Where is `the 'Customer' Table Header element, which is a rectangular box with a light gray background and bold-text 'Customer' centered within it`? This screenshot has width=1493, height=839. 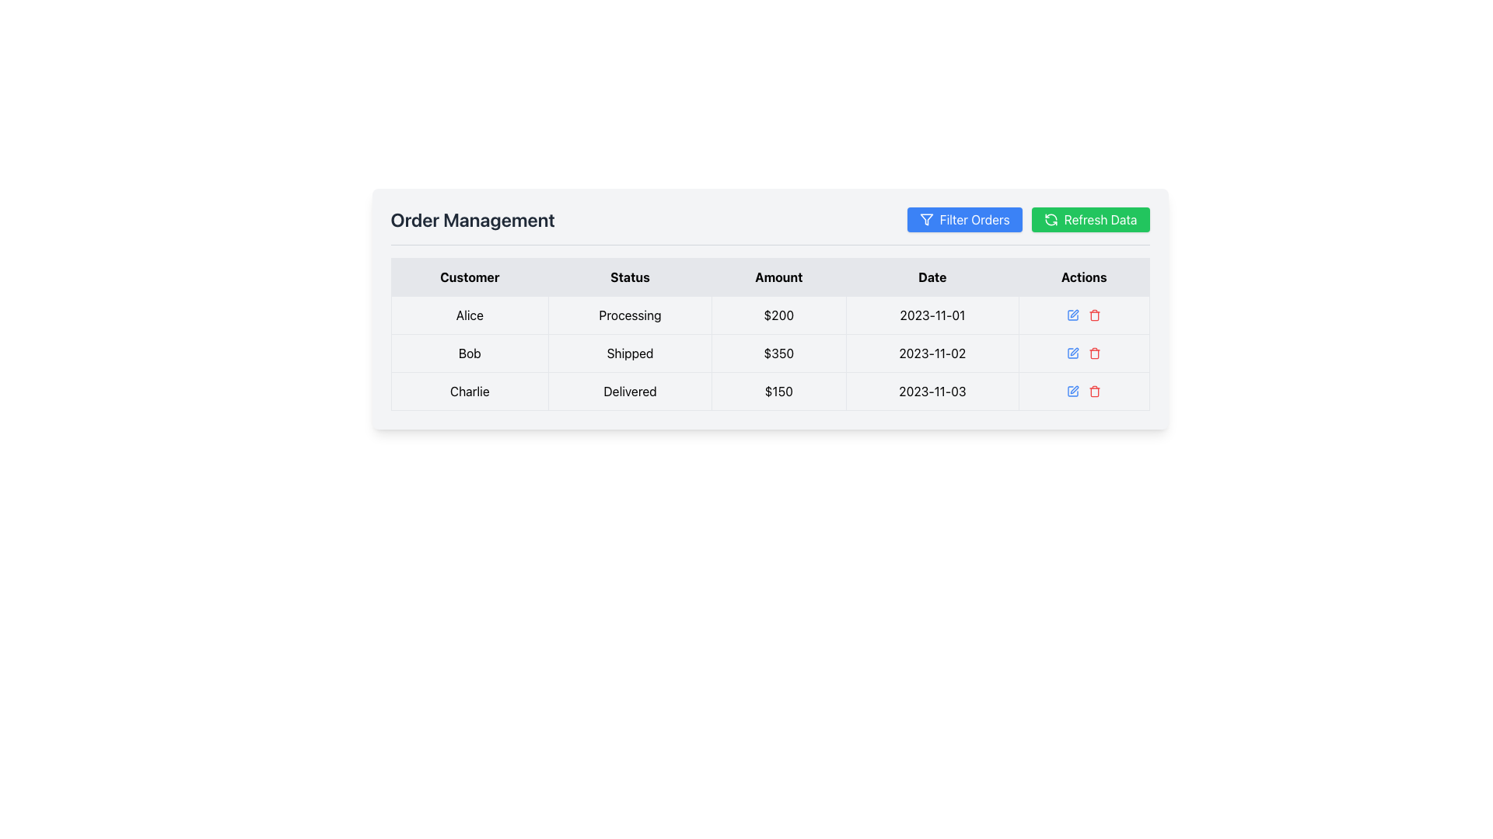 the 'Customer' Table Header element, which is a rectangular box with a light gray background and bold-text 'Customer' centered within it is located at coordinates (469, 277).